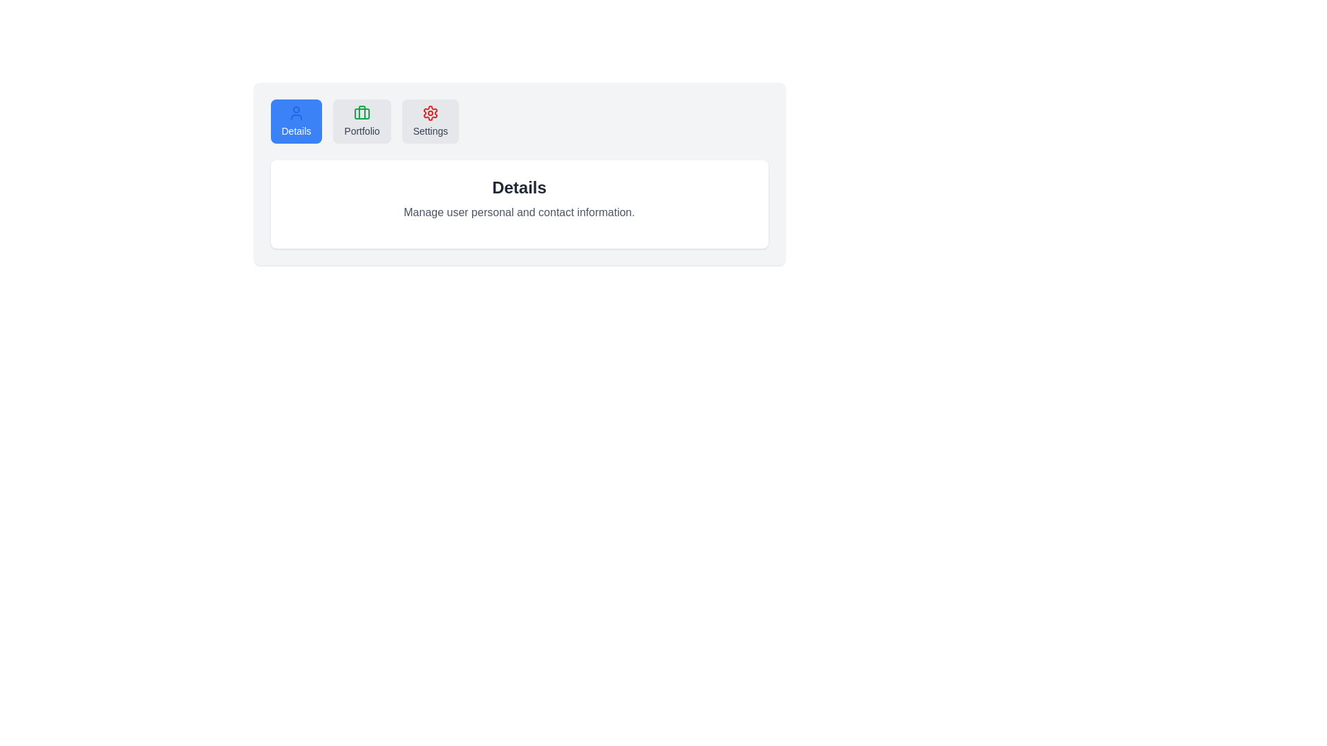 Image resolution: width=1327 pixels, height=746 pixels. I want to click on the Details tab, so click(294, 121).